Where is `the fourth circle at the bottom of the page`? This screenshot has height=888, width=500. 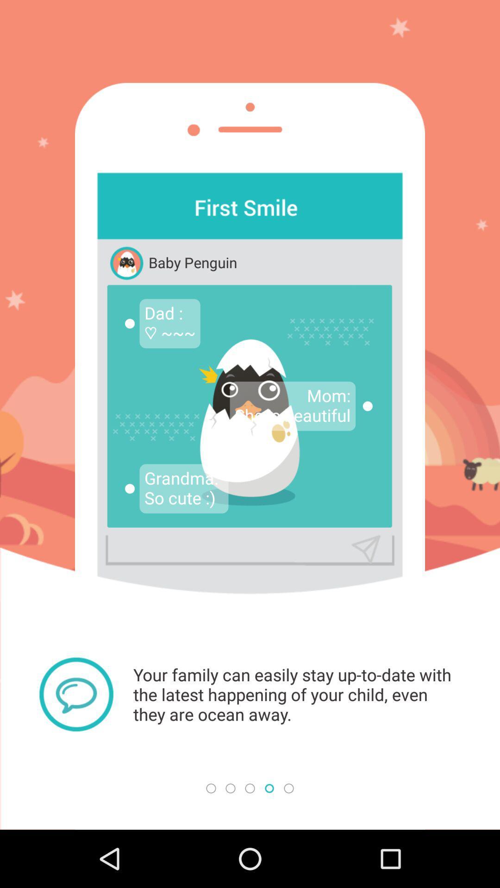 the fourth circle at the bottom of the page is located at coordinates (269, 788).